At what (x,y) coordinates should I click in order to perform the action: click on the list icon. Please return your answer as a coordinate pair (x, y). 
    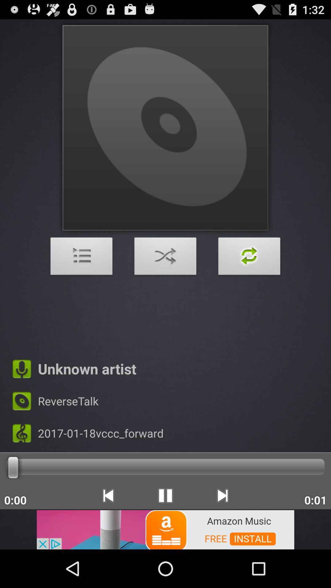
    Looking at the image, I should click on (81, 276).